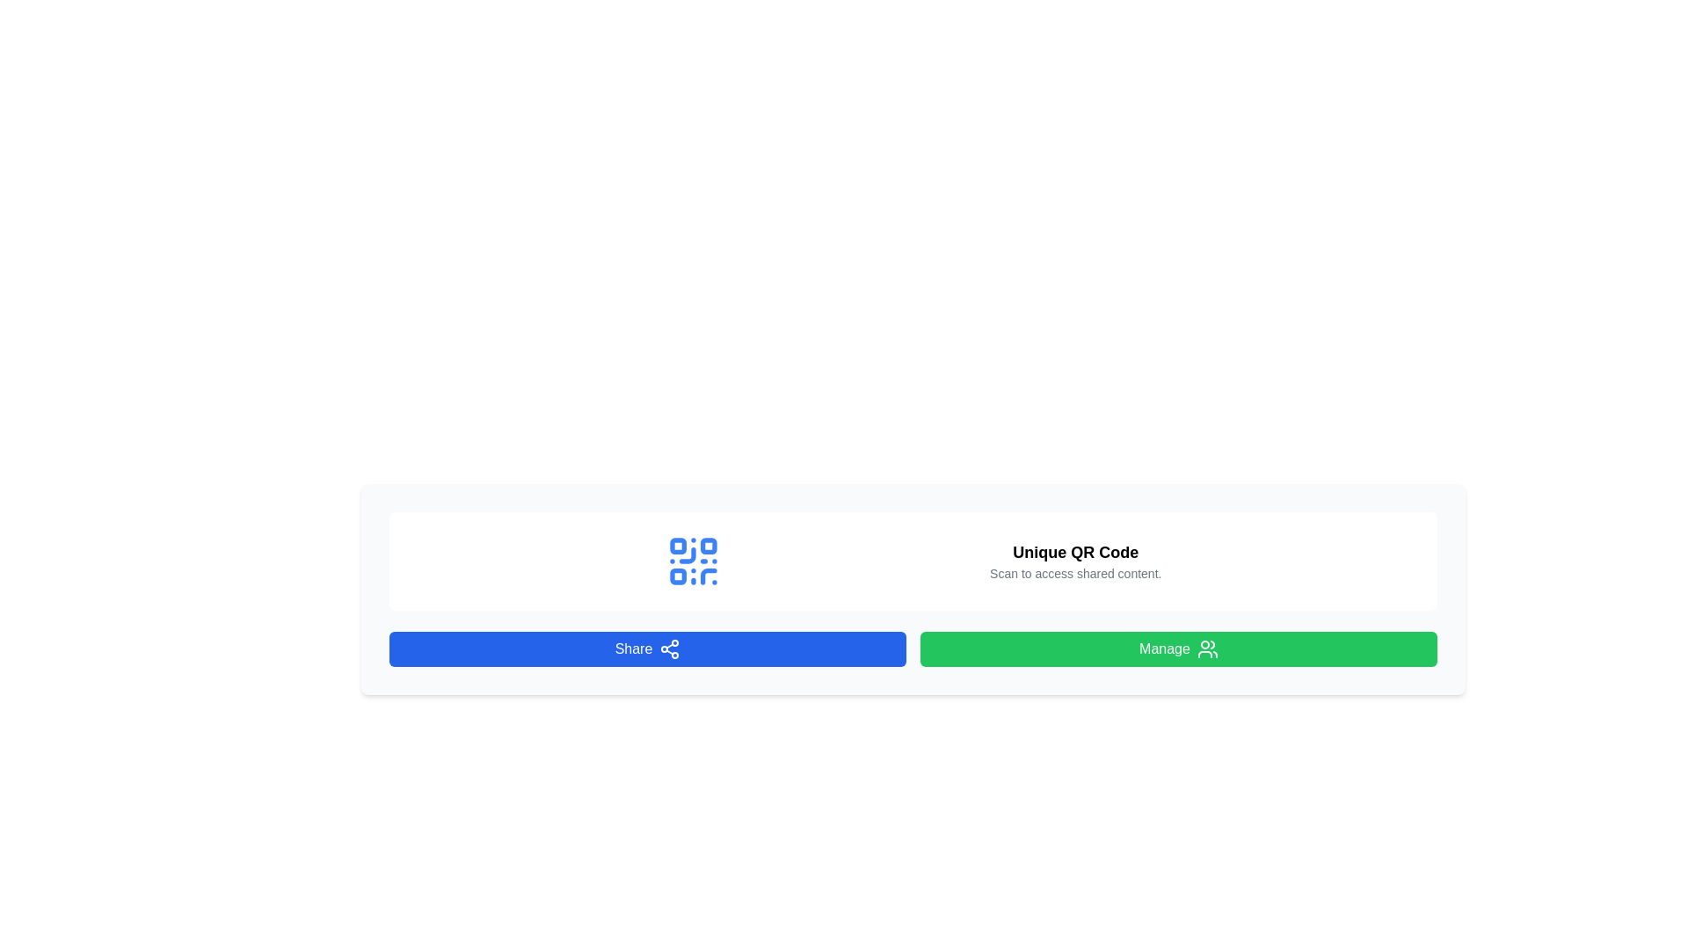  What do you see at coordinates (669, 649) in the screenshot?
I see `the SVG share icon located to the right of the 'Share' text within the share button in the bottom left section of the interface` at bounding box center [669, 649].